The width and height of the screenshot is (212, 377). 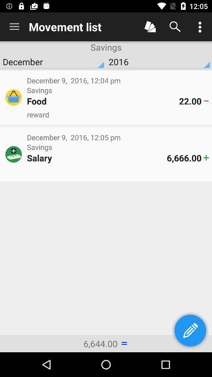 What do you see at coordinates (103, 101) in the screenshot?
I see `the icon to the left of the 22.00 item` at bounding box center [103, 101].